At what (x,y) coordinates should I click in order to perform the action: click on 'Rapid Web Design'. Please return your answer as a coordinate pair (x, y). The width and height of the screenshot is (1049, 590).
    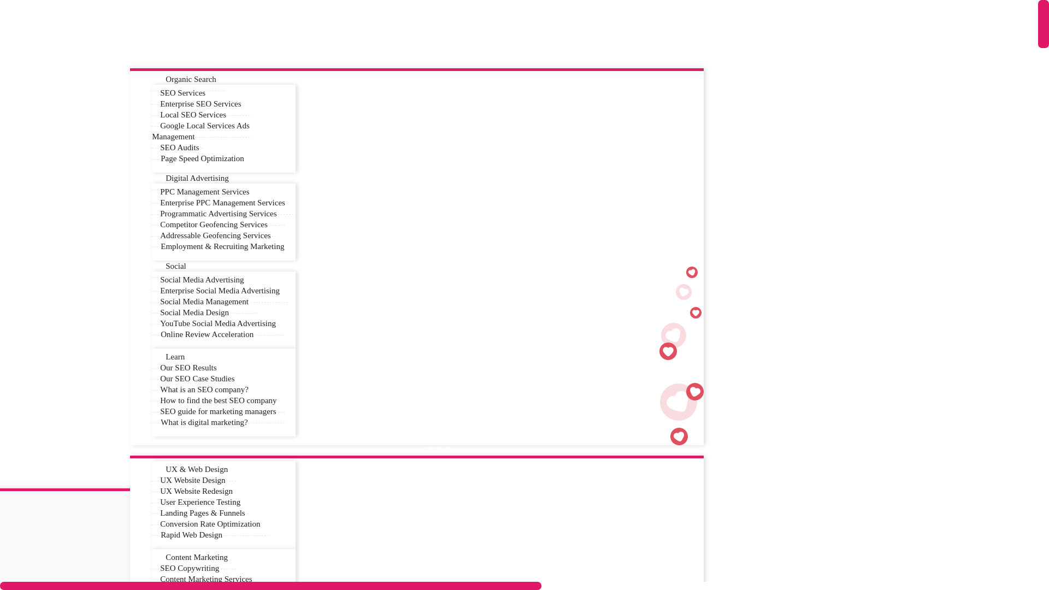
    Looking at the image, I should click on (191, 534).